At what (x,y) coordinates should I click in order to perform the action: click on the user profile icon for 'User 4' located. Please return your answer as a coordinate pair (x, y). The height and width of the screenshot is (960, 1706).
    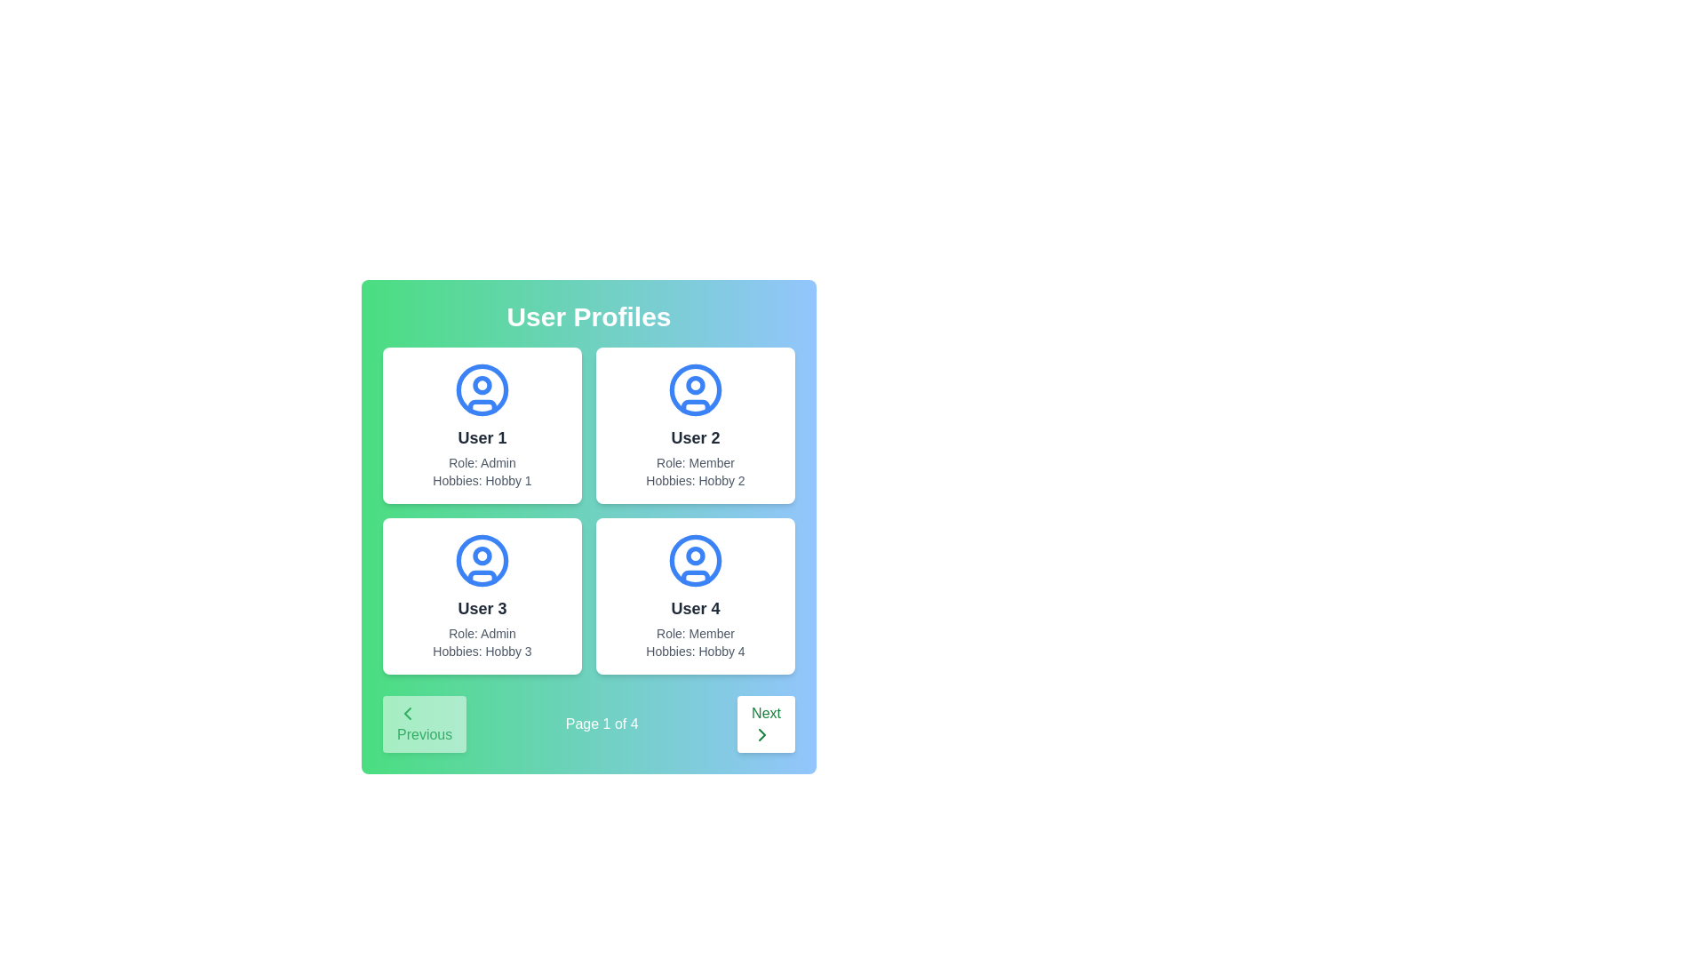
    Looking at the image, I should click on (694, 561).